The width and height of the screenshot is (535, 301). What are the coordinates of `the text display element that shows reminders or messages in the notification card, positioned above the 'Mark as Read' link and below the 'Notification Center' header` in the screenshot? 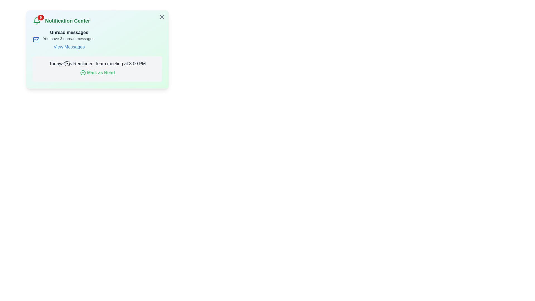 It's located at (98, 63).